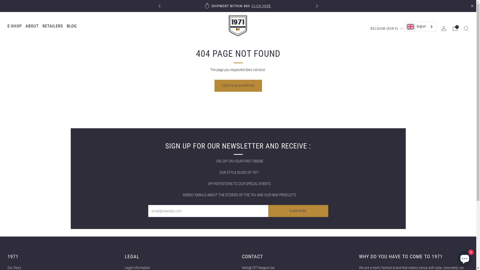  What do you see at coordinates (14, 26) in the screenshot?
I see `'E-SHOP'` at bounding box center [14, 26].